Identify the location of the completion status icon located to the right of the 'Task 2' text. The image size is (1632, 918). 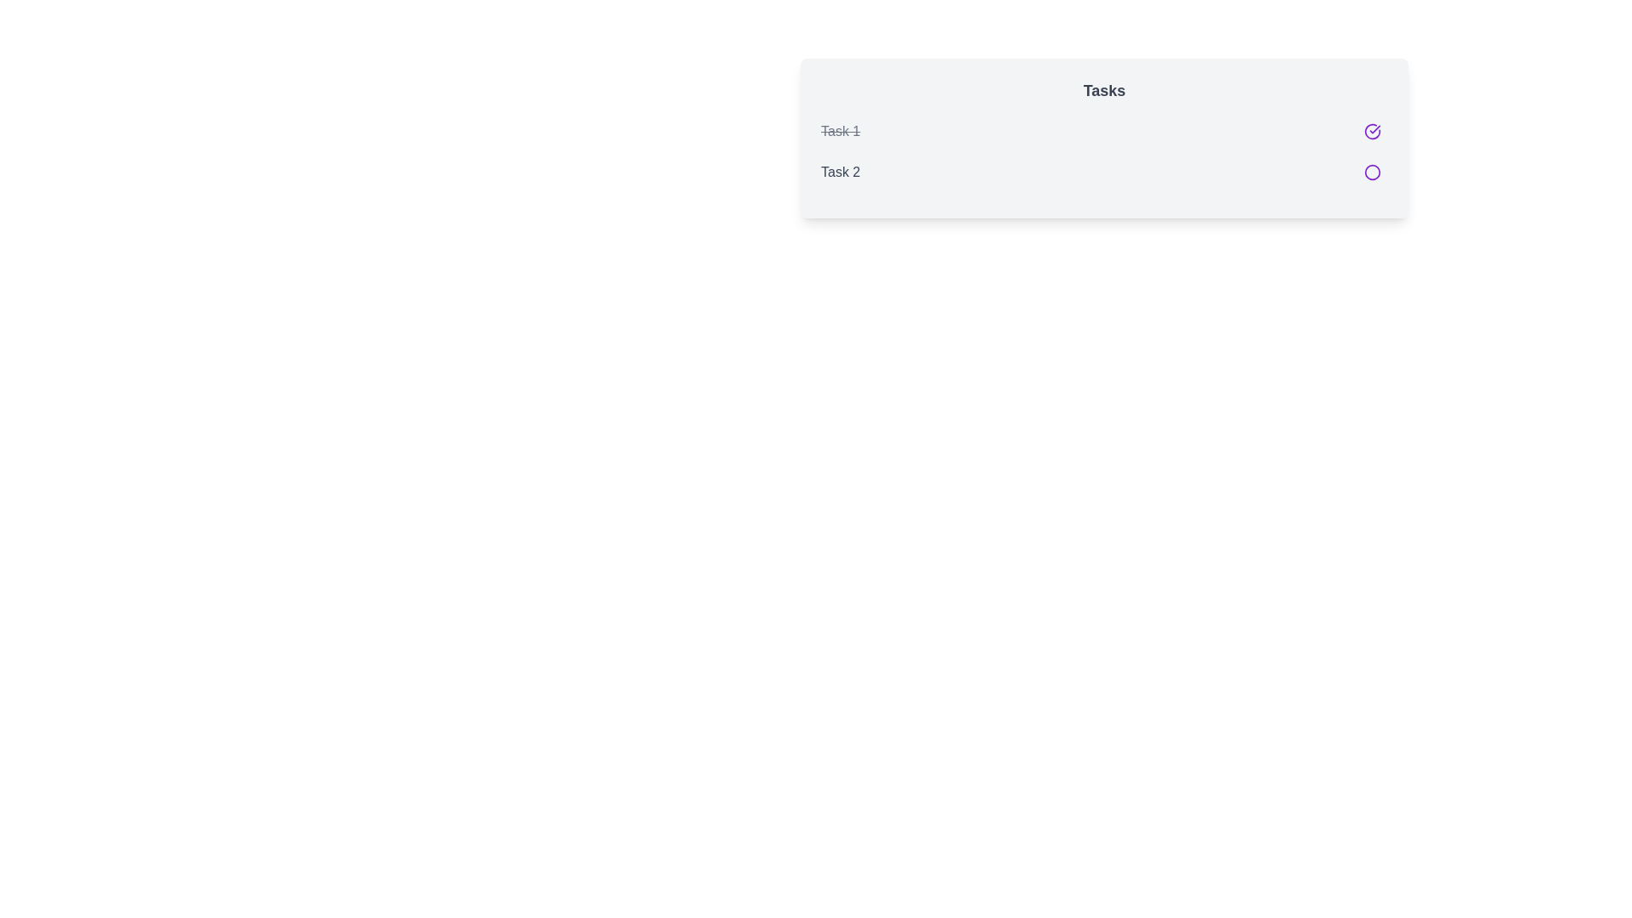
(1372, 130).